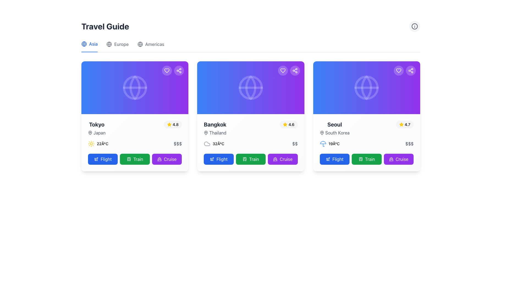 Image resolution: width=528 pixels, height=297 pixels. What do you see at coordinates (367, 87) in the screenshot?
I see `the innermost circular component of the globe icon within the Seoul card in the Travel Guide section, which is visually characterized by a white hue and subtle transparency against a purple background` at bounding box center [367, 87].